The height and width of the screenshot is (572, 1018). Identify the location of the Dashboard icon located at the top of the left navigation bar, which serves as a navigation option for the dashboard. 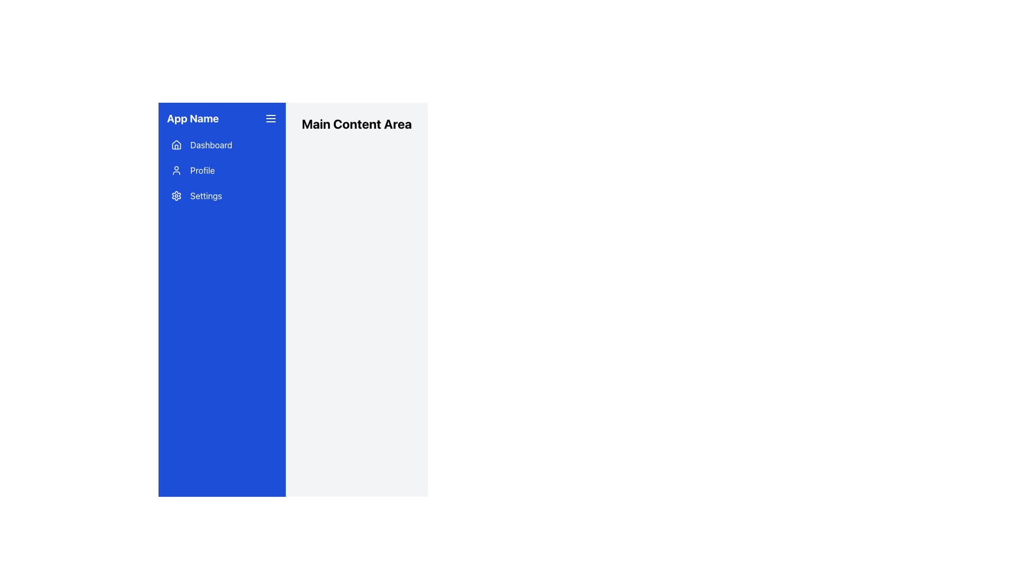
(176, 145).